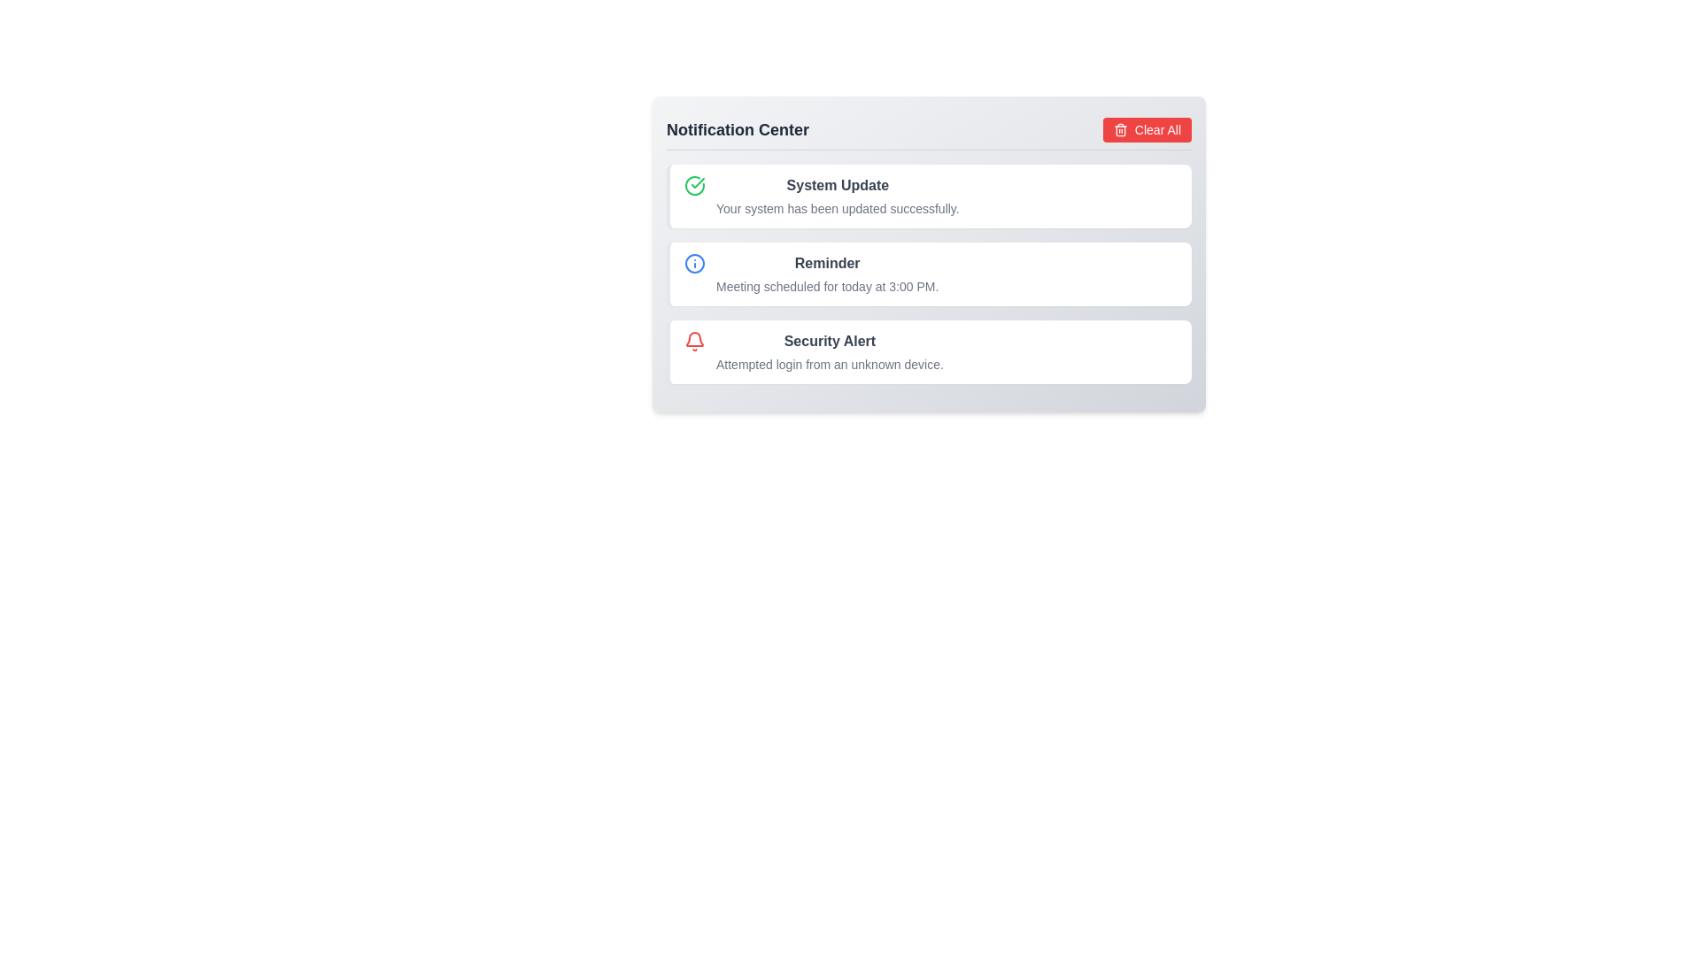  I want to click on the 'Clear All Notifications' button located in the upper-right corner of the Notification Center bar by moving the cursor to its center point, so click(1147, 128).